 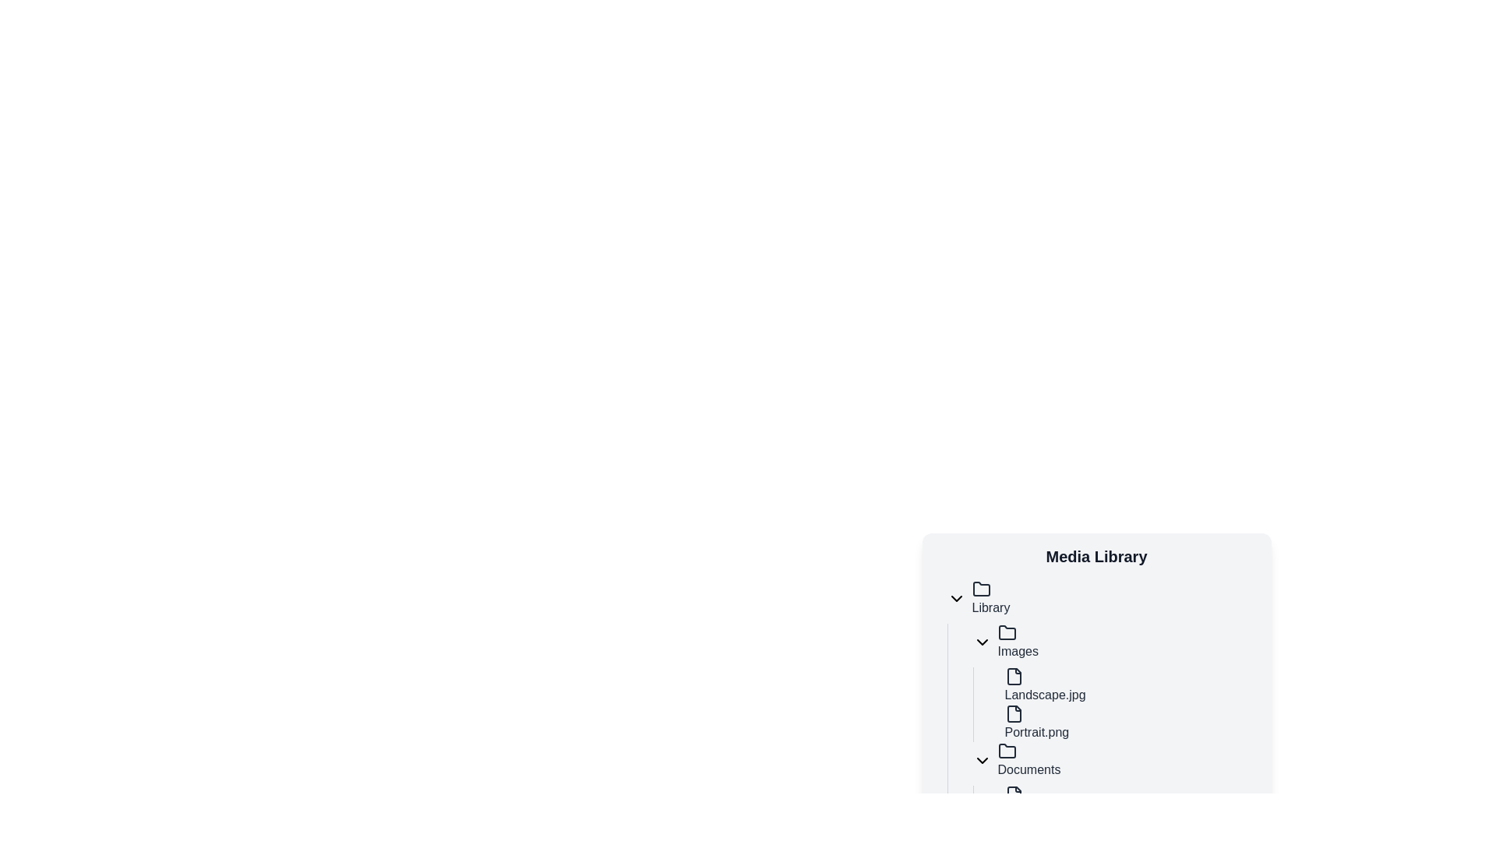 What do you see at coordinates (1014, 795) in the screenshot?
I see `the icon representing a file or document located at the bottom of the 'Media Library' section, beneath the 'Documents' folder` at bounding box center [1014, 795].